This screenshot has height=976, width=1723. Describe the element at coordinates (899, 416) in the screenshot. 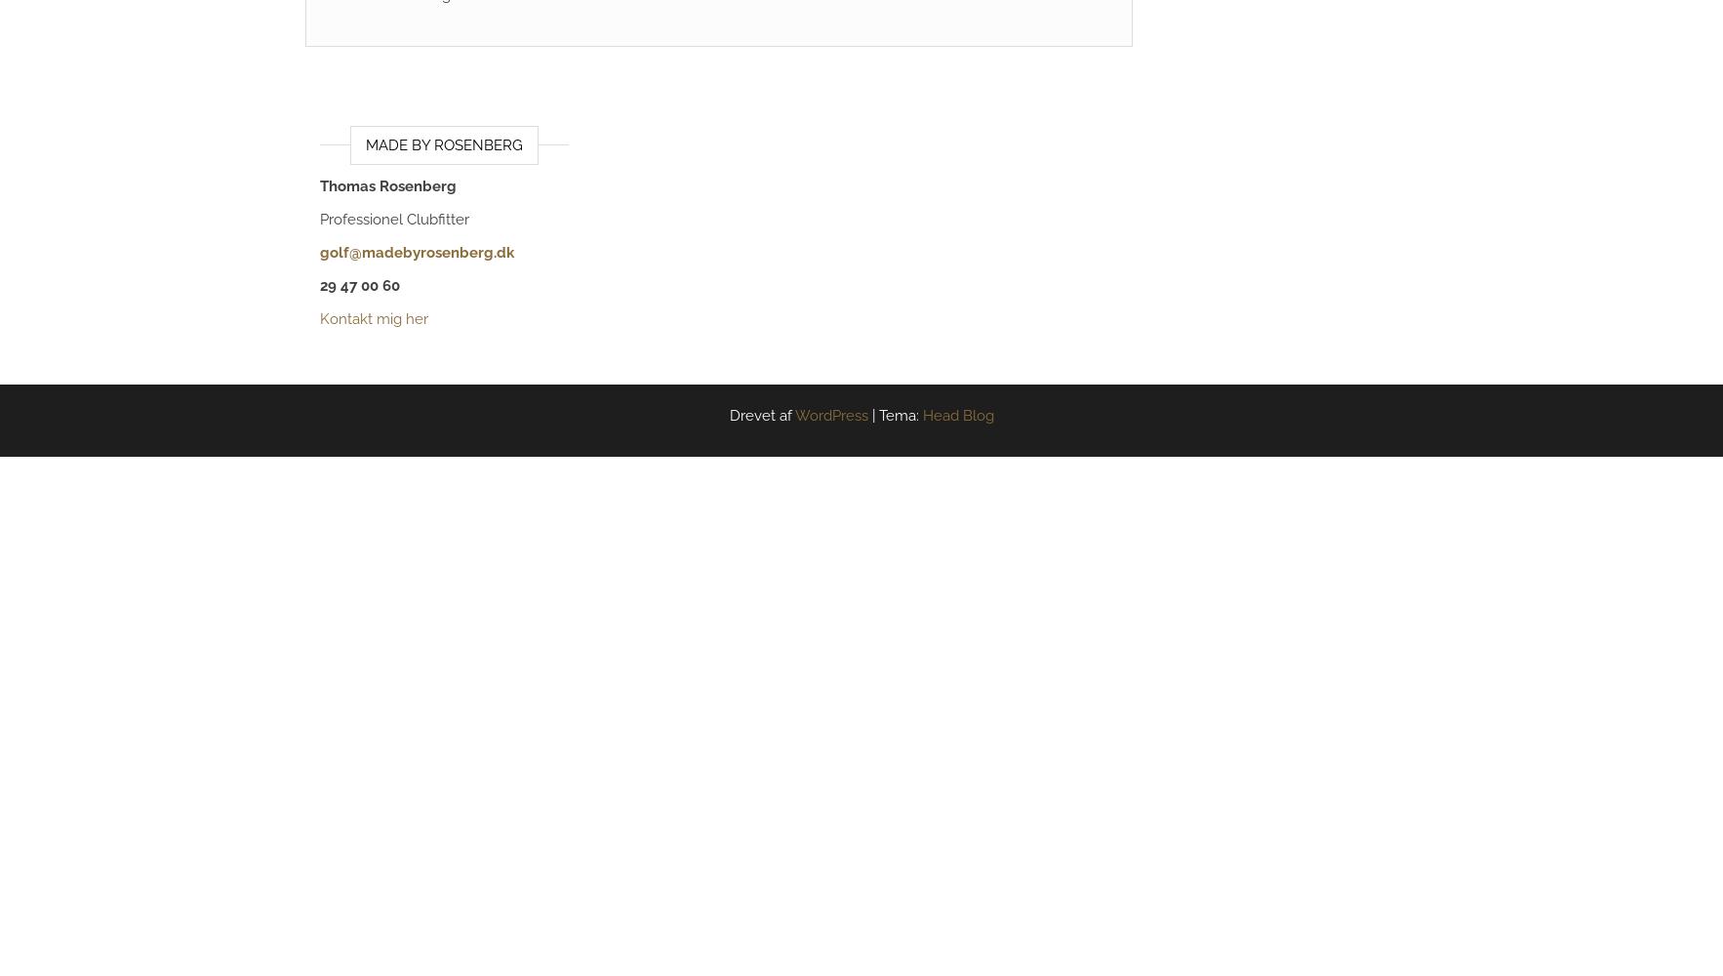

I see `'Tema:'` at that location.